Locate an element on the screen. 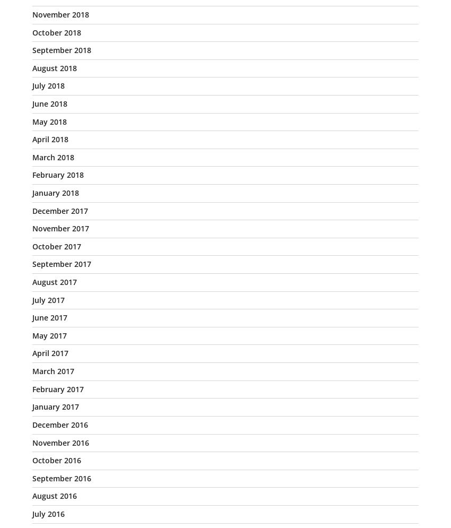 The image size is (451, 528). 'October 2017' is located at coordinates (32, 246).